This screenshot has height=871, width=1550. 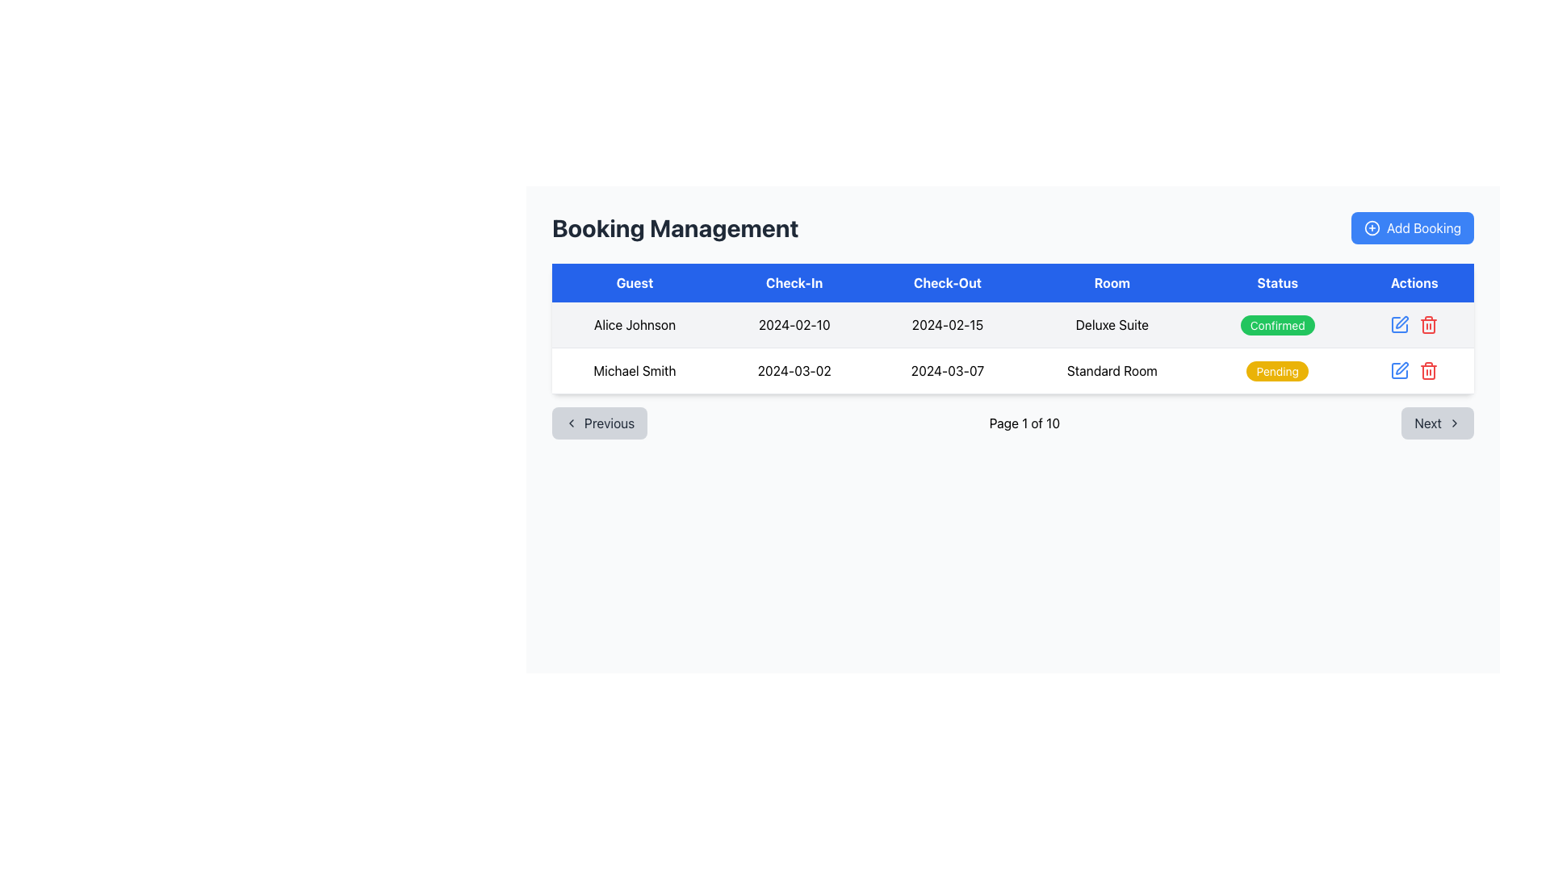 What do you see at coordinates (1111, 282) in the screenshot?
I see `the fourth tab in the table column header that indicates room information, located between the 'Check-Out' tab and 'Status' tab` at bounding box center [1111, 282].